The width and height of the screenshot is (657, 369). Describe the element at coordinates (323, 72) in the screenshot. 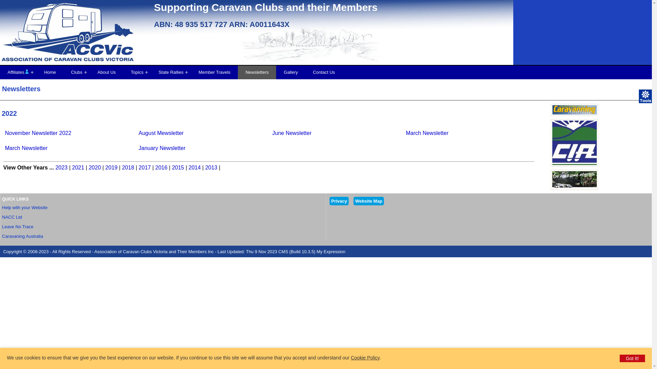

I see `'Contact Us'` at that location.